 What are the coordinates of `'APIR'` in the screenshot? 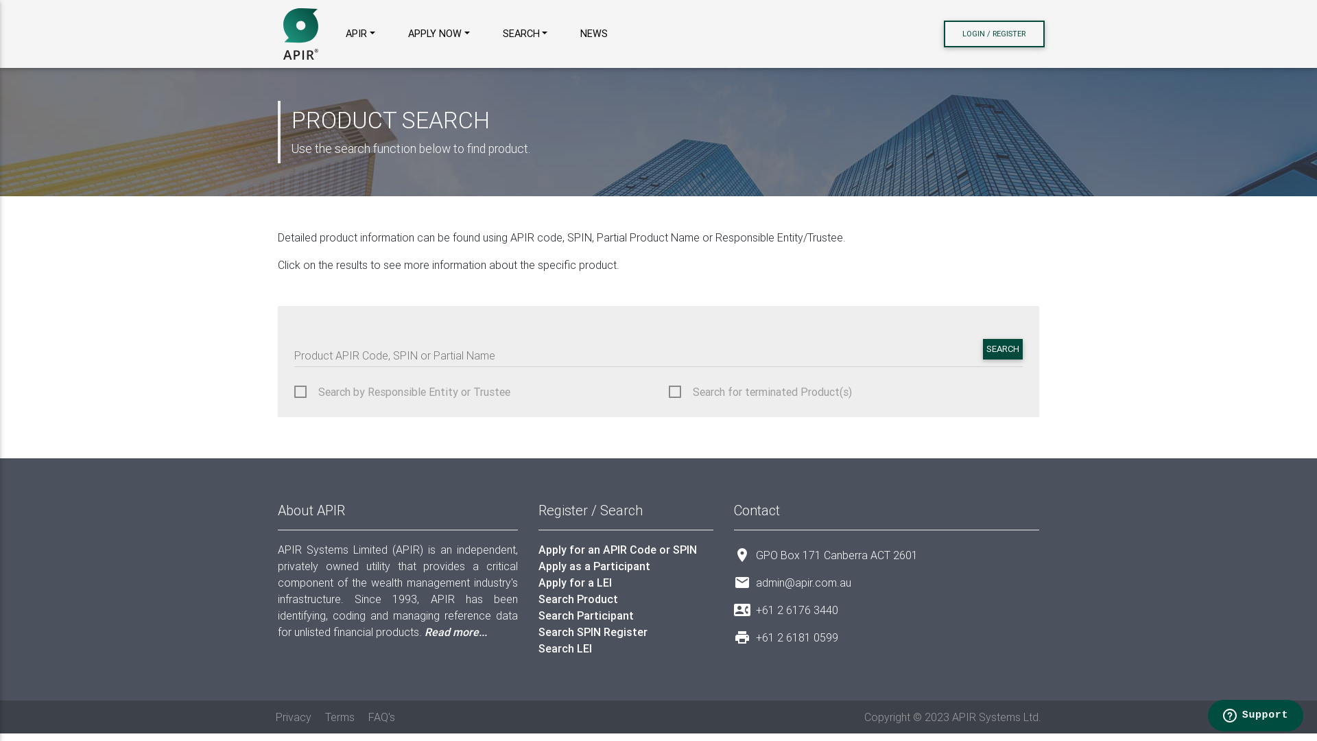 It's located at (340, 34).